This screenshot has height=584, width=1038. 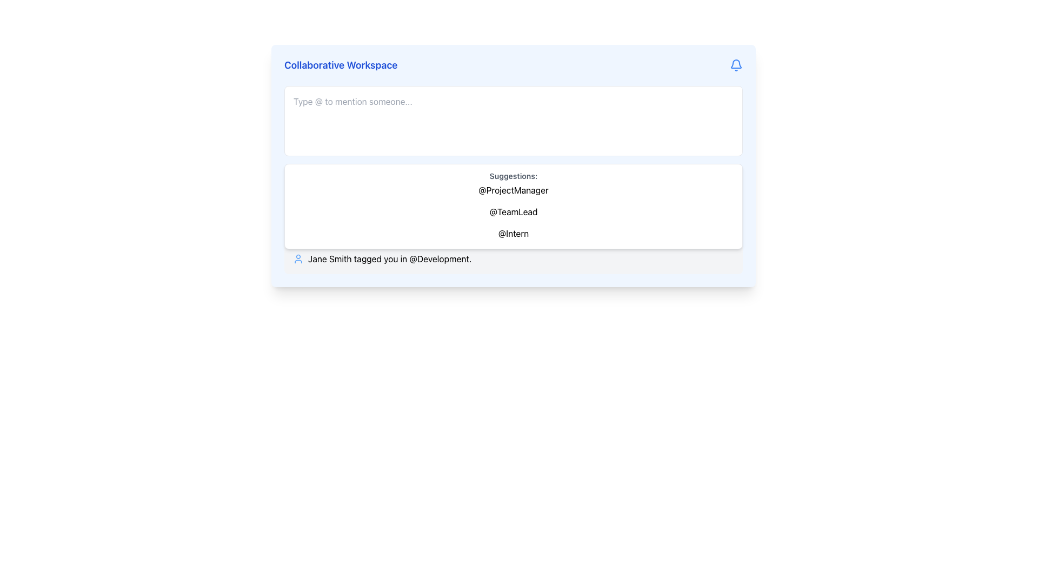 What do you see at coordinates (513, 258) in the screenshot?
I see `the second notification message that reads 'Jane Smith tagged you in @Development', which is located beneath the message about 'John Doe mentioned you in @Marketing'` at bounding box center [513, 258].